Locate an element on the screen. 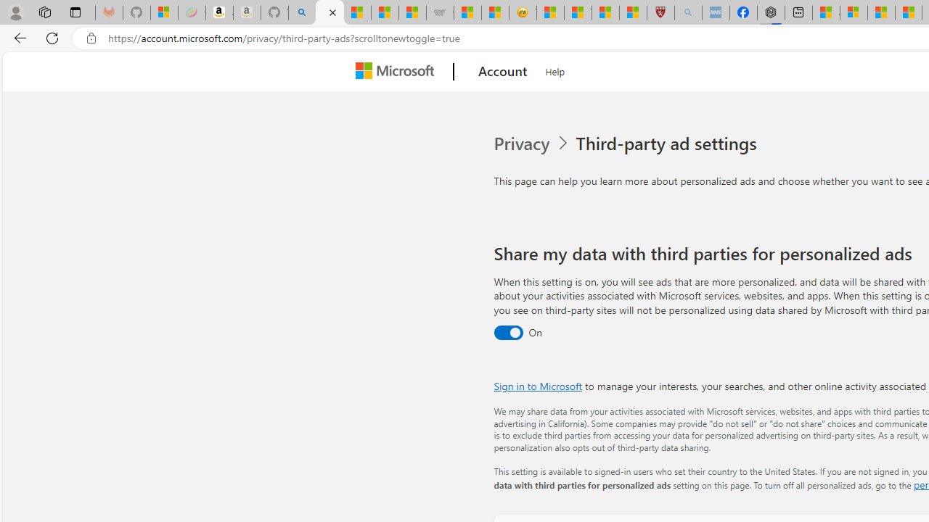  'Sign in to Microsoft' is located at coordinates (537, 385).